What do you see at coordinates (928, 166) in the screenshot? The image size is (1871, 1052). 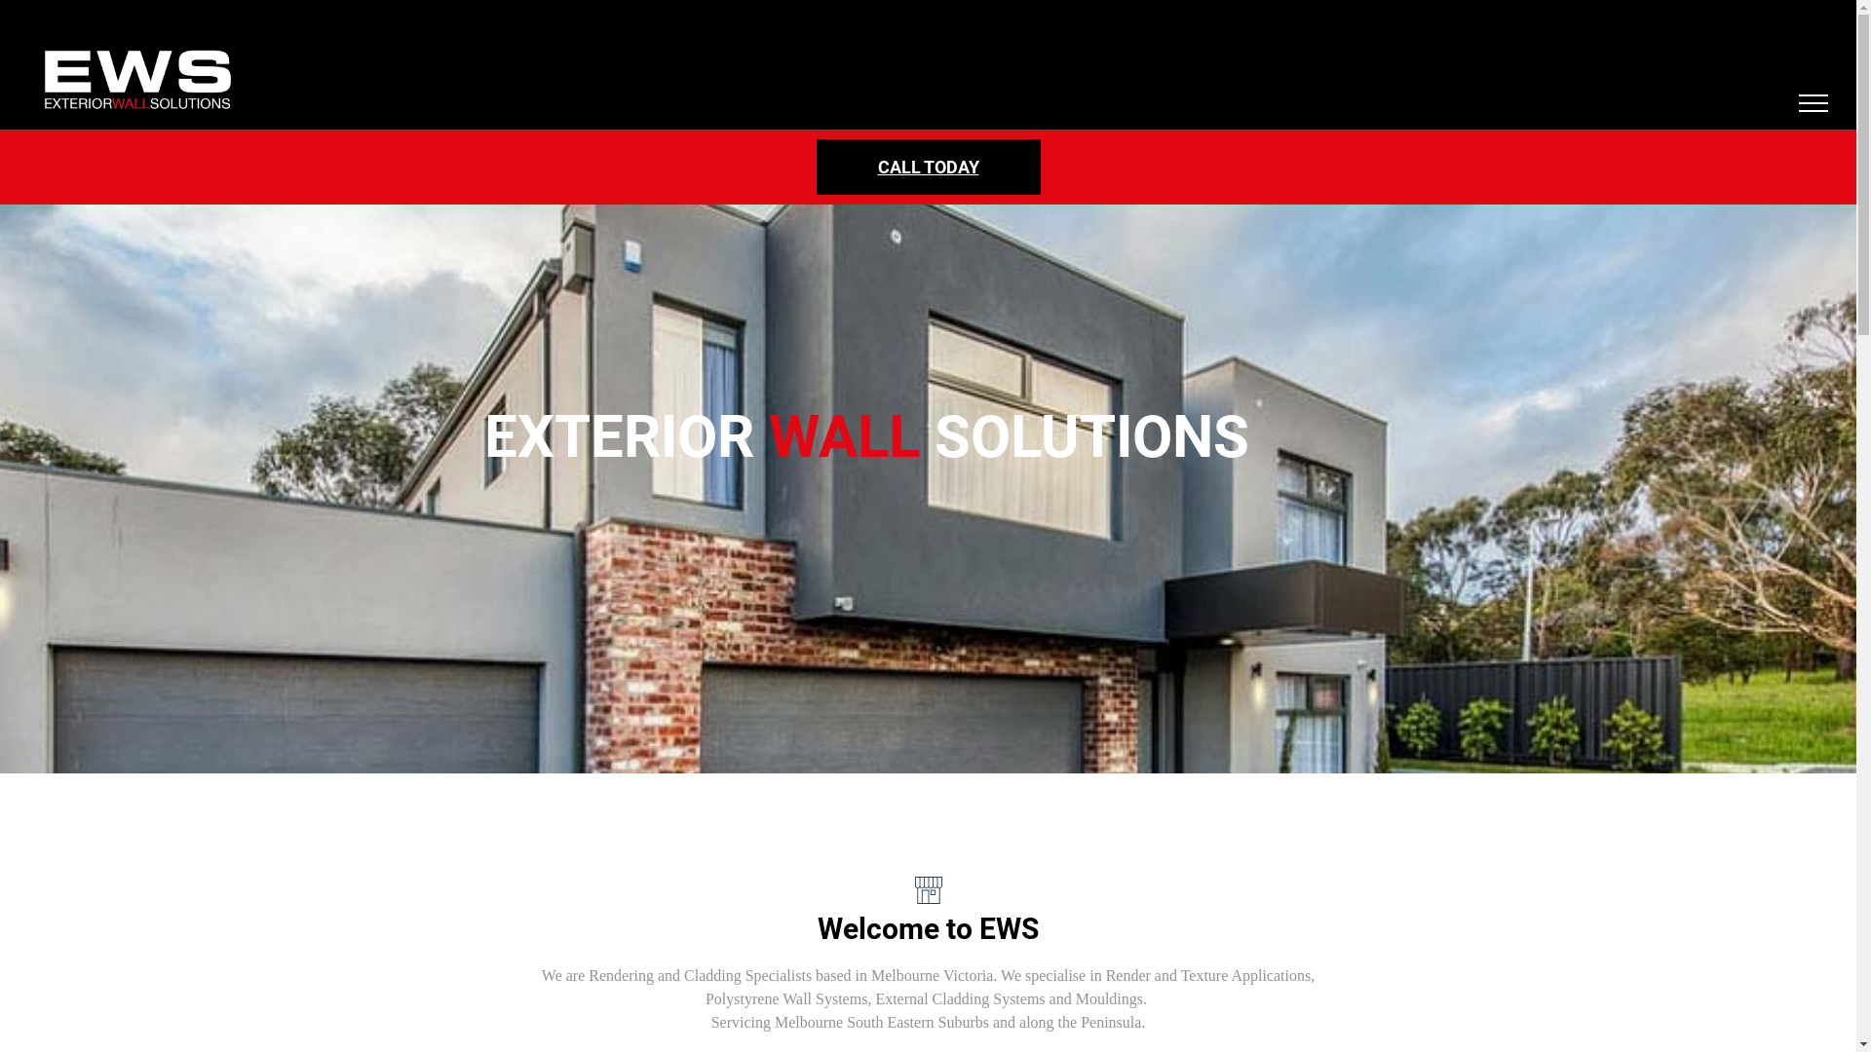 I see `'CALL TODAY'` at bounding box center [928, 166].